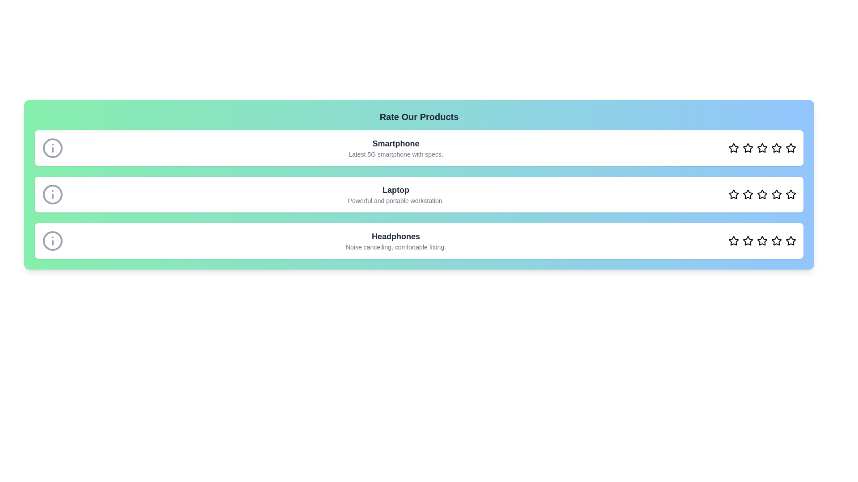  Describe the element at coordinates (733, 240) in the screenshot. I see `the first star in the rating system for 'Headphones'` at that location.